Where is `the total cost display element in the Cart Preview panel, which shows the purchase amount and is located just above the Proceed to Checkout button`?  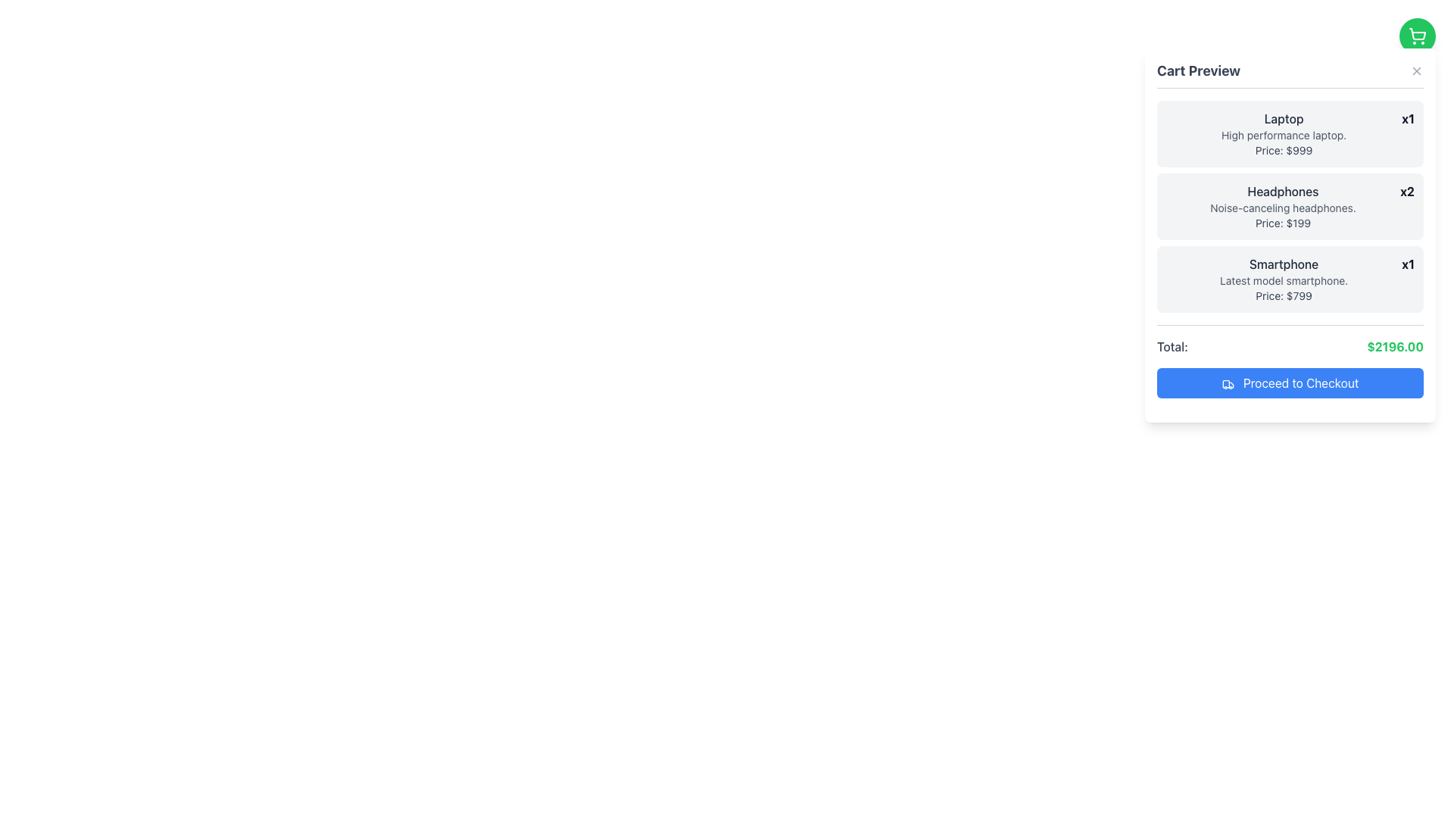 the total cost display element in the Cart Preview panel, which shows the purchase amount and is located just above the Proceed to Checkout button is located at coordinates (1290, 339).